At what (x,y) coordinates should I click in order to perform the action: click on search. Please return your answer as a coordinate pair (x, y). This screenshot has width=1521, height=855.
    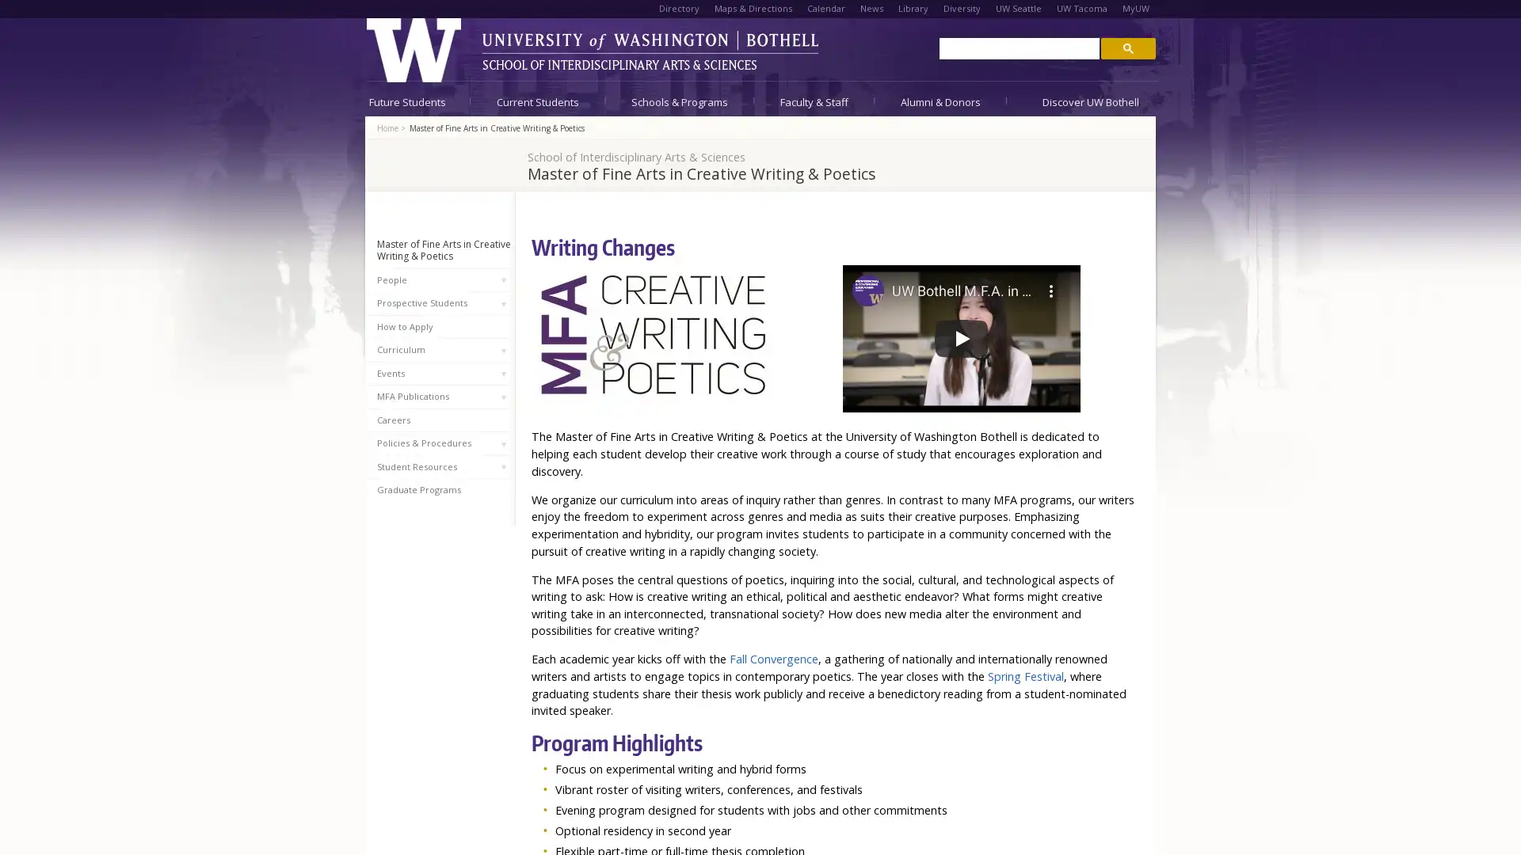
    Looking at the image, I should click on (1127, 47).